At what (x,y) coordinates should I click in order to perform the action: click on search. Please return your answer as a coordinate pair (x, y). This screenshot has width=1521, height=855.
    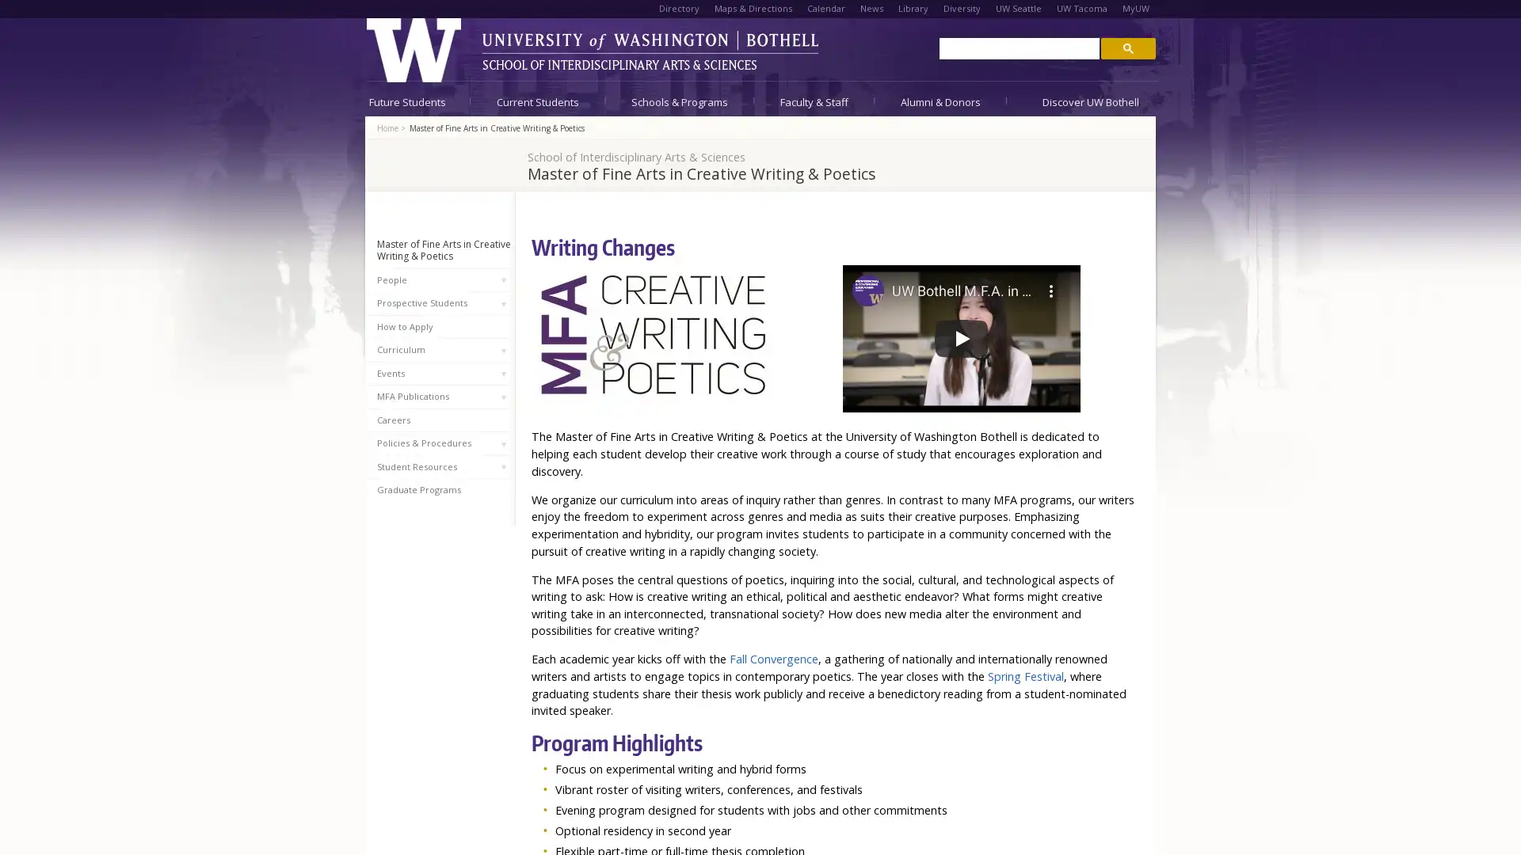
    Looking at the image, I should click on (1127, 47).